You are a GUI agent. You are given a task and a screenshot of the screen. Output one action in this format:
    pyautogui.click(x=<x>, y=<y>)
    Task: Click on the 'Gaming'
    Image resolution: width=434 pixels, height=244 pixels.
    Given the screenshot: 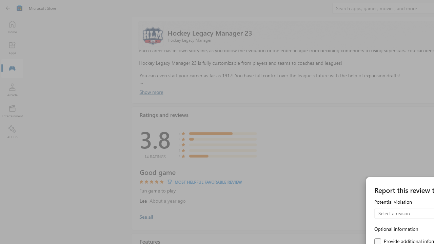 What is the action you would take?
    pyautogui.click(x=12, y=69)
    